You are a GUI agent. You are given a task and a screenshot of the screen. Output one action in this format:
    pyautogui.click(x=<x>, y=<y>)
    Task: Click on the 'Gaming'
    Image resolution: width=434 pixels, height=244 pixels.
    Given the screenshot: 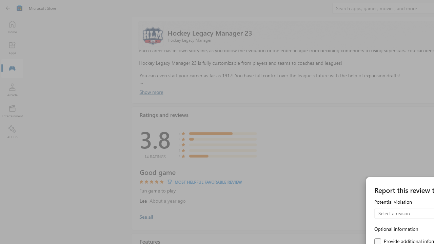 What is the action you would take?
    pyautogui.click(x=12, y=69)
    